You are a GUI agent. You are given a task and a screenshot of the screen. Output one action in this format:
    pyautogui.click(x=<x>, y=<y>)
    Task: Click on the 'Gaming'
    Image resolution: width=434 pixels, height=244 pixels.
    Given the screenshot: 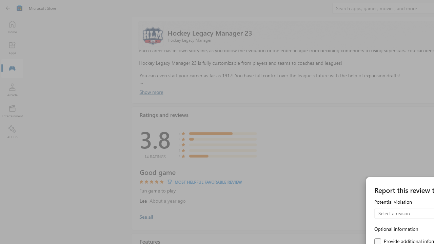 What is the action you would take?
    pyautogui.click(x=12, y=69)
    